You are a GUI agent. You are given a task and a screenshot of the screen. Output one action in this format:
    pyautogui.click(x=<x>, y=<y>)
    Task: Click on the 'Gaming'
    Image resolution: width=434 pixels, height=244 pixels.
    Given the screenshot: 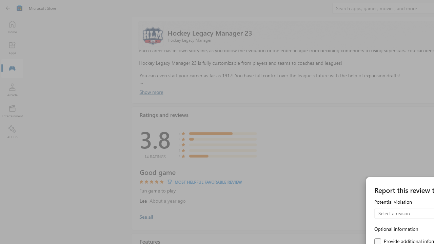 What is the action you would take?
    pyautogui.click(x=12, y=69)
    